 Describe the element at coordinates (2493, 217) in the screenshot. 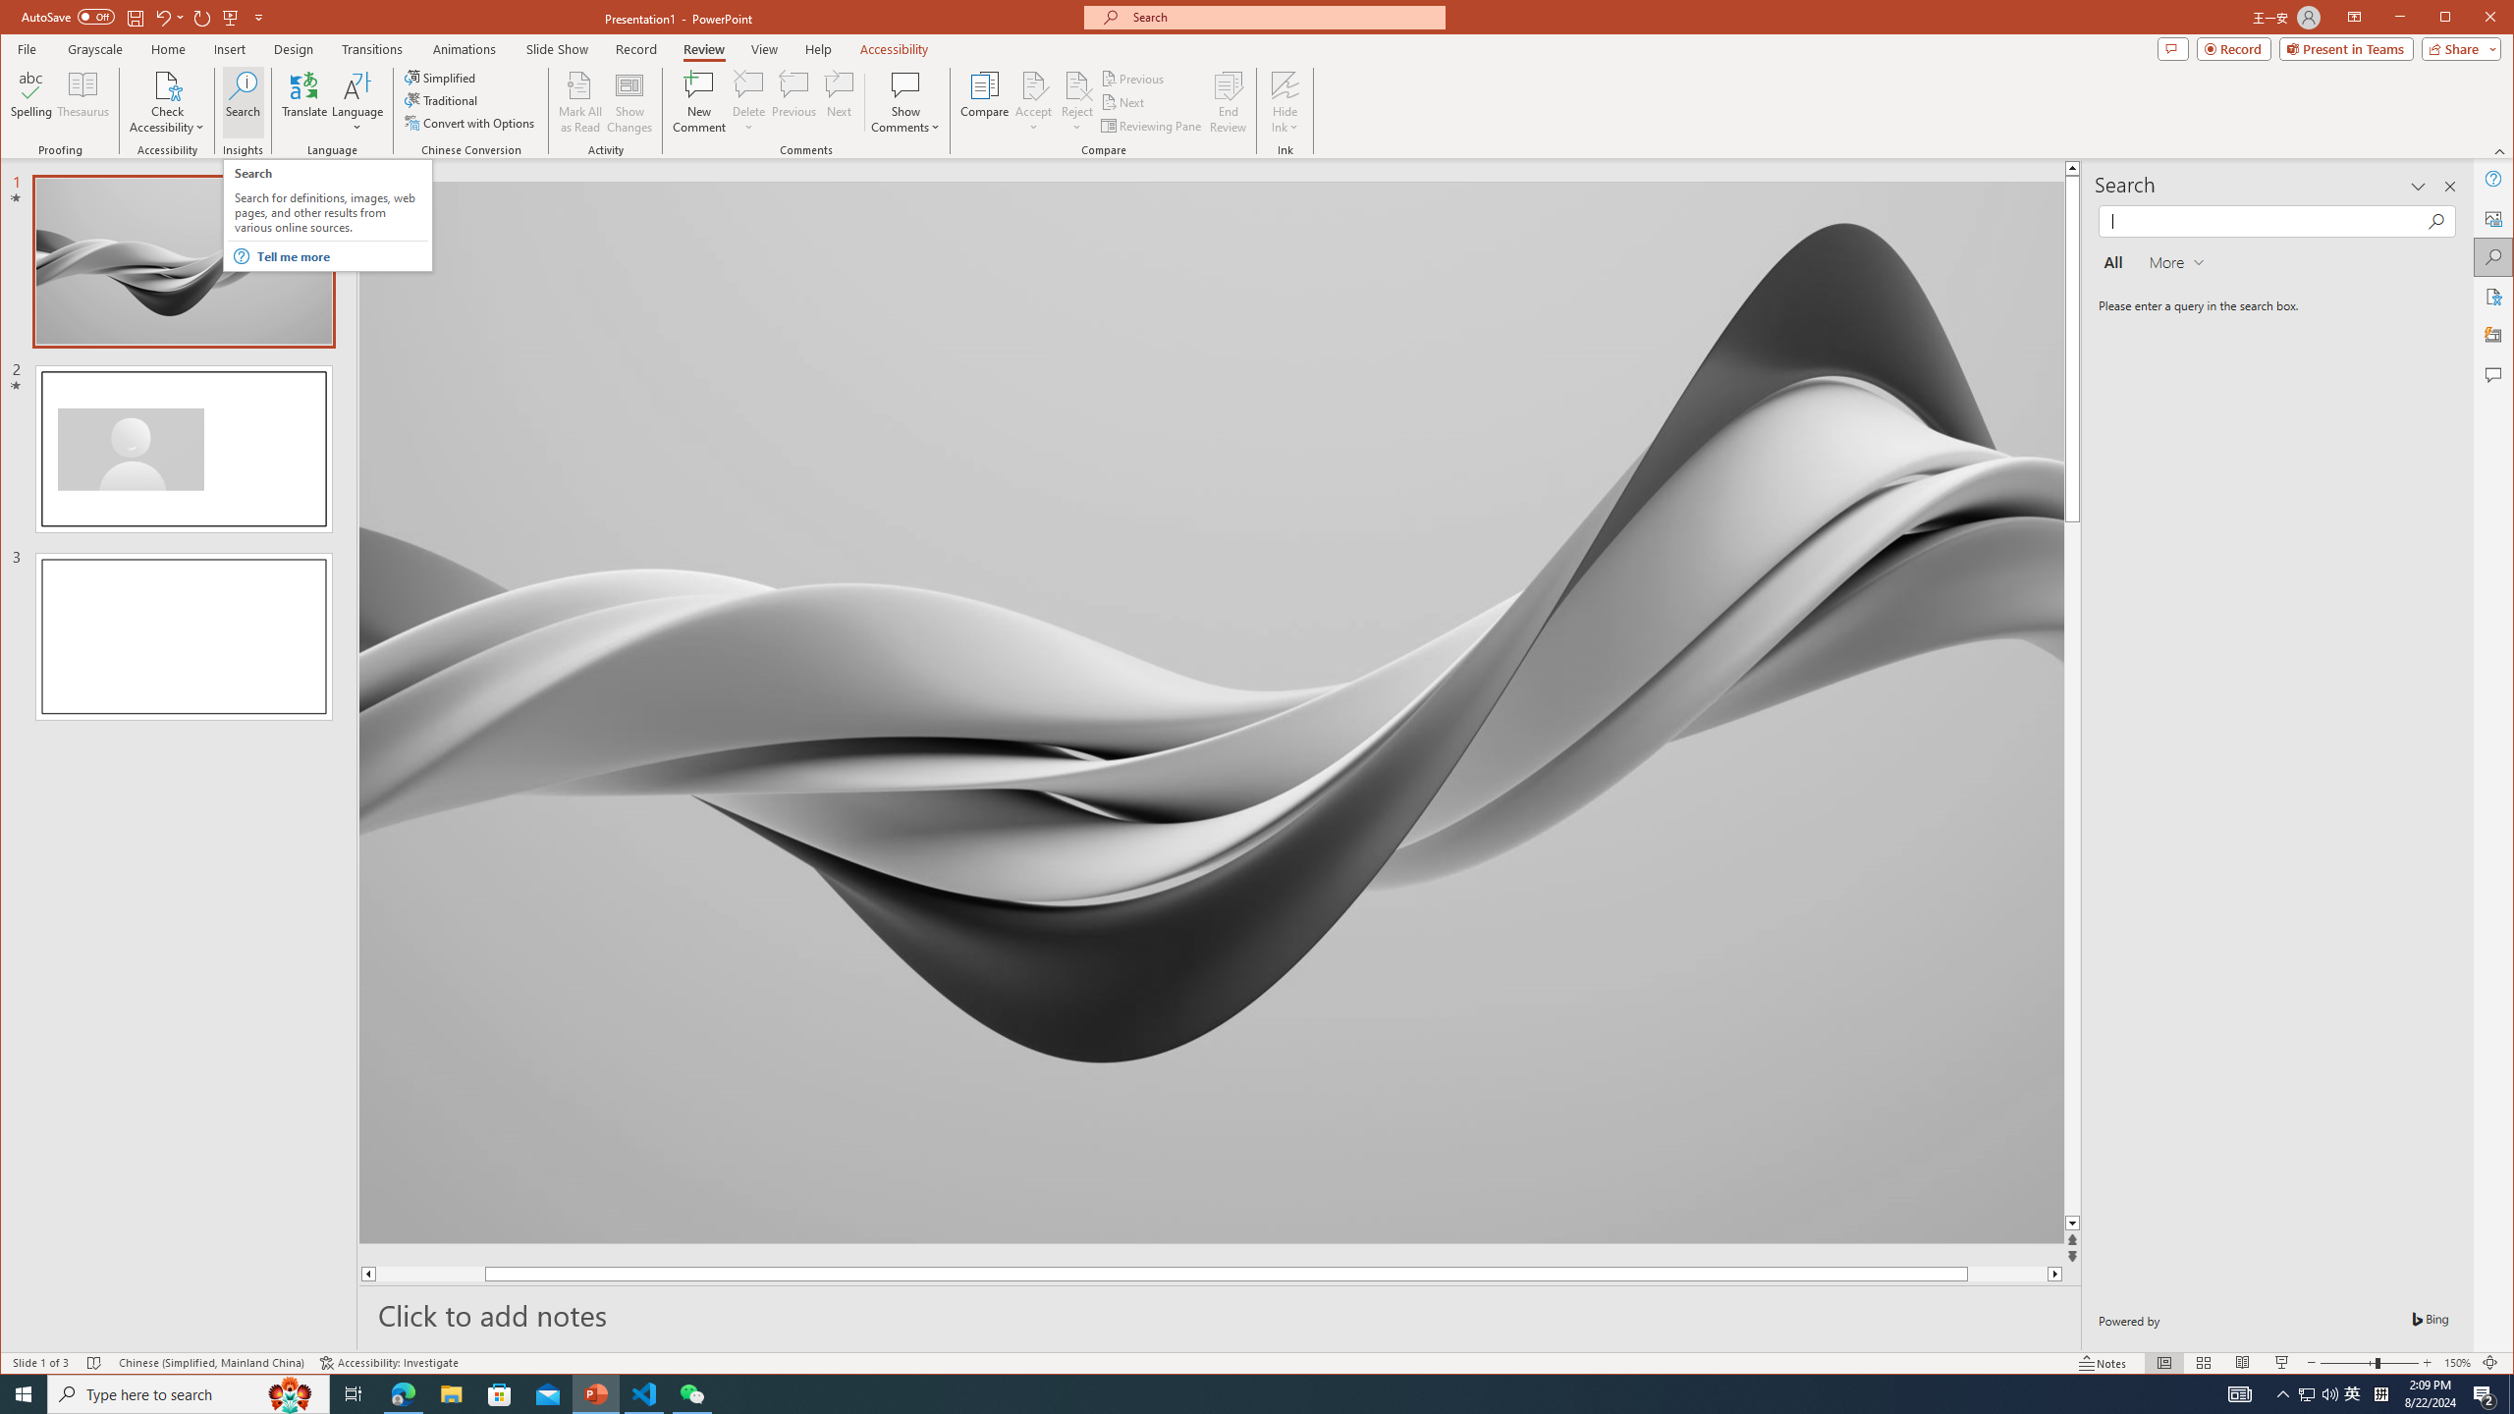

I see `'Alt Text'` at that location.